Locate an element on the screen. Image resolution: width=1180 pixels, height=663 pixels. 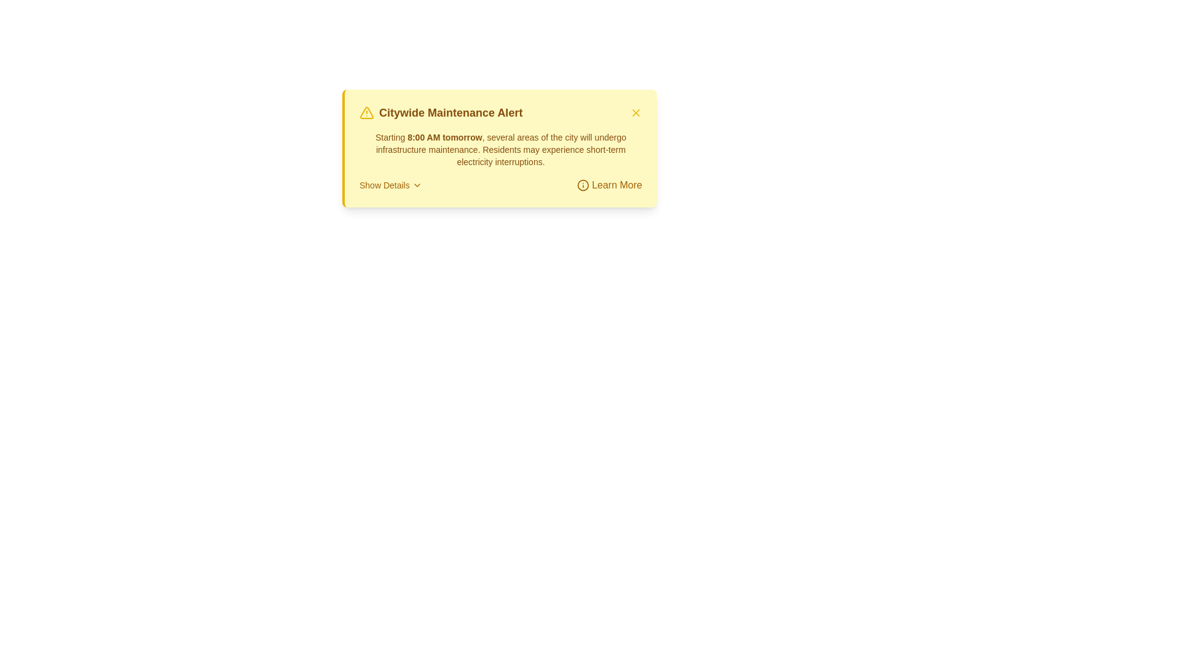
the informational SVG icon located to the left of the 'Learn More' text on the yellow notification card at the bottom right section is located at coordinates (583, 185).